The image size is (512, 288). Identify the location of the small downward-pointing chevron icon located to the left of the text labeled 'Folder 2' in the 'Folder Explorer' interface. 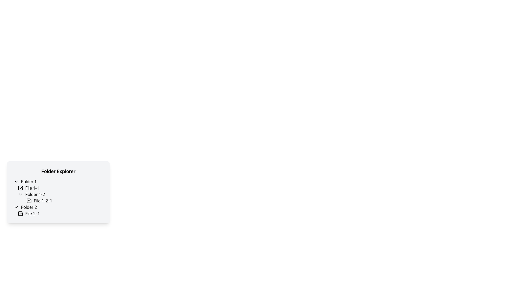
(16, 207).